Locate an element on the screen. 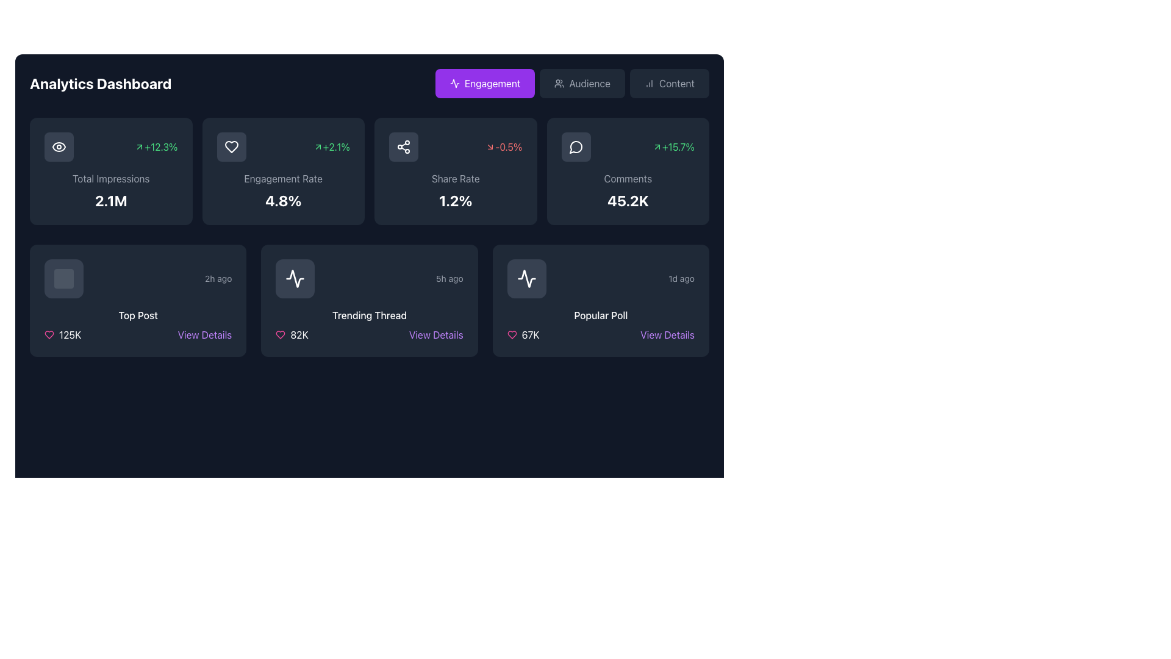 The height and width of the screenshot is (659, 1171). the share icon button located in the Share Rate section of the analytics dashboard, positioned between the Engagement Rate card and the Comments card, to interact with the sharing function is located at coordinates (404, 146).